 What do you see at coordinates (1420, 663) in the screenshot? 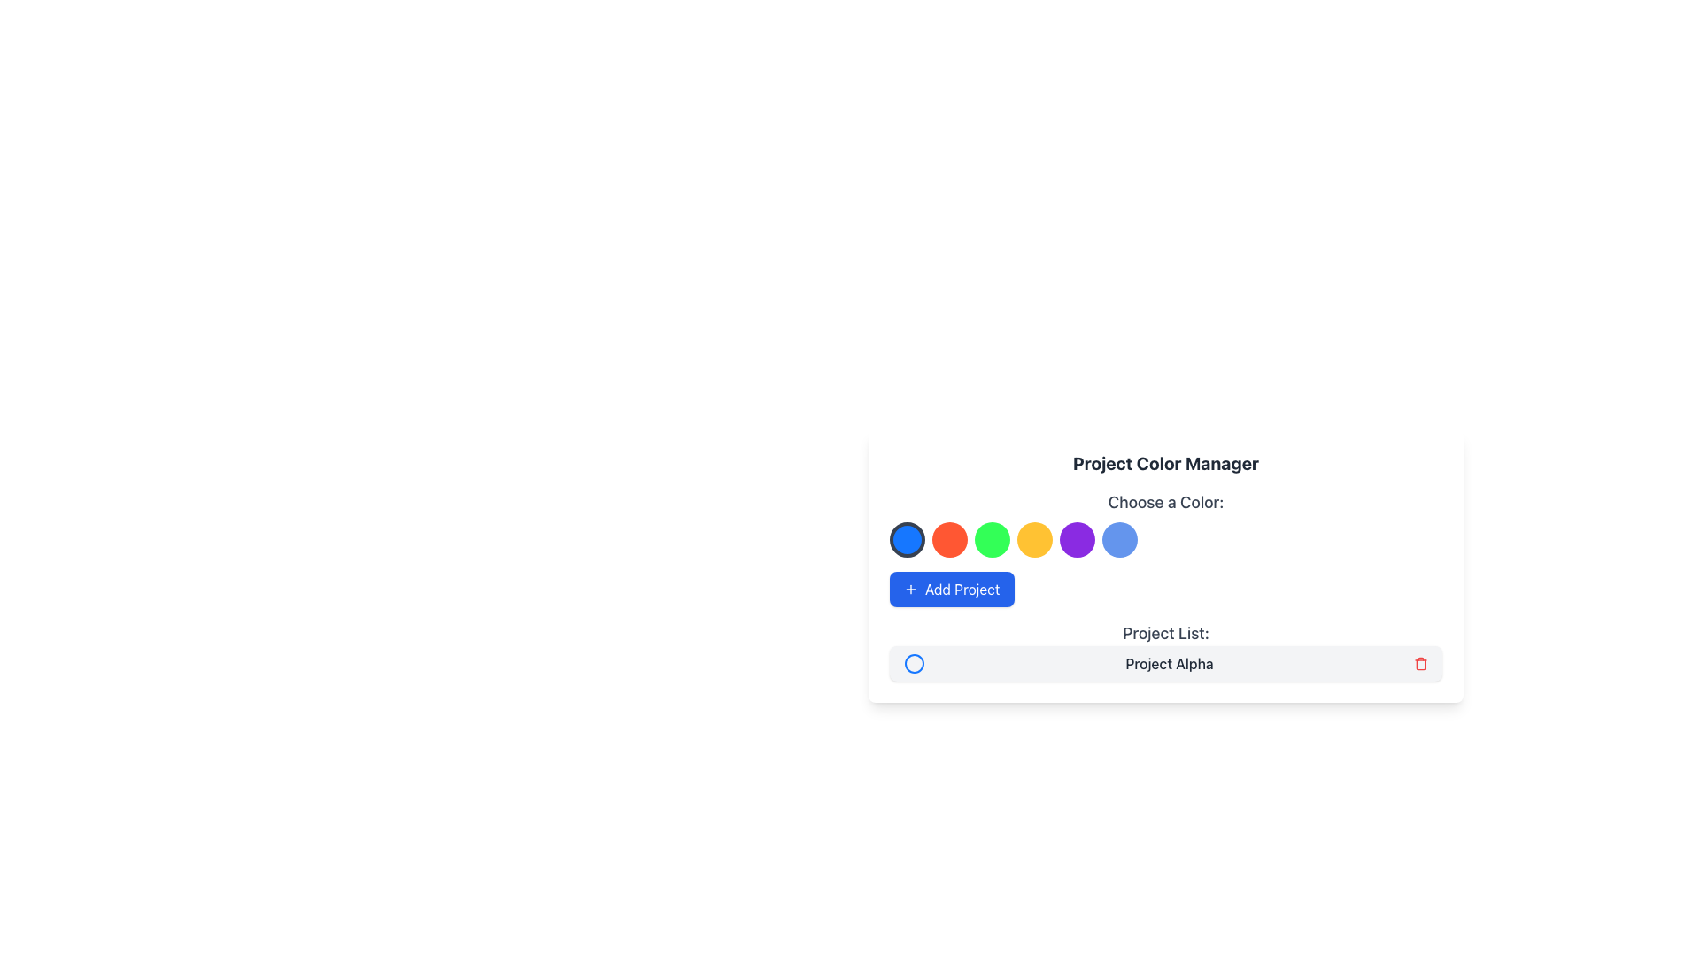
I see `the red trash icon representing the delete action for the 'Project Alpha' list item` at bounding box center [1420, 663].